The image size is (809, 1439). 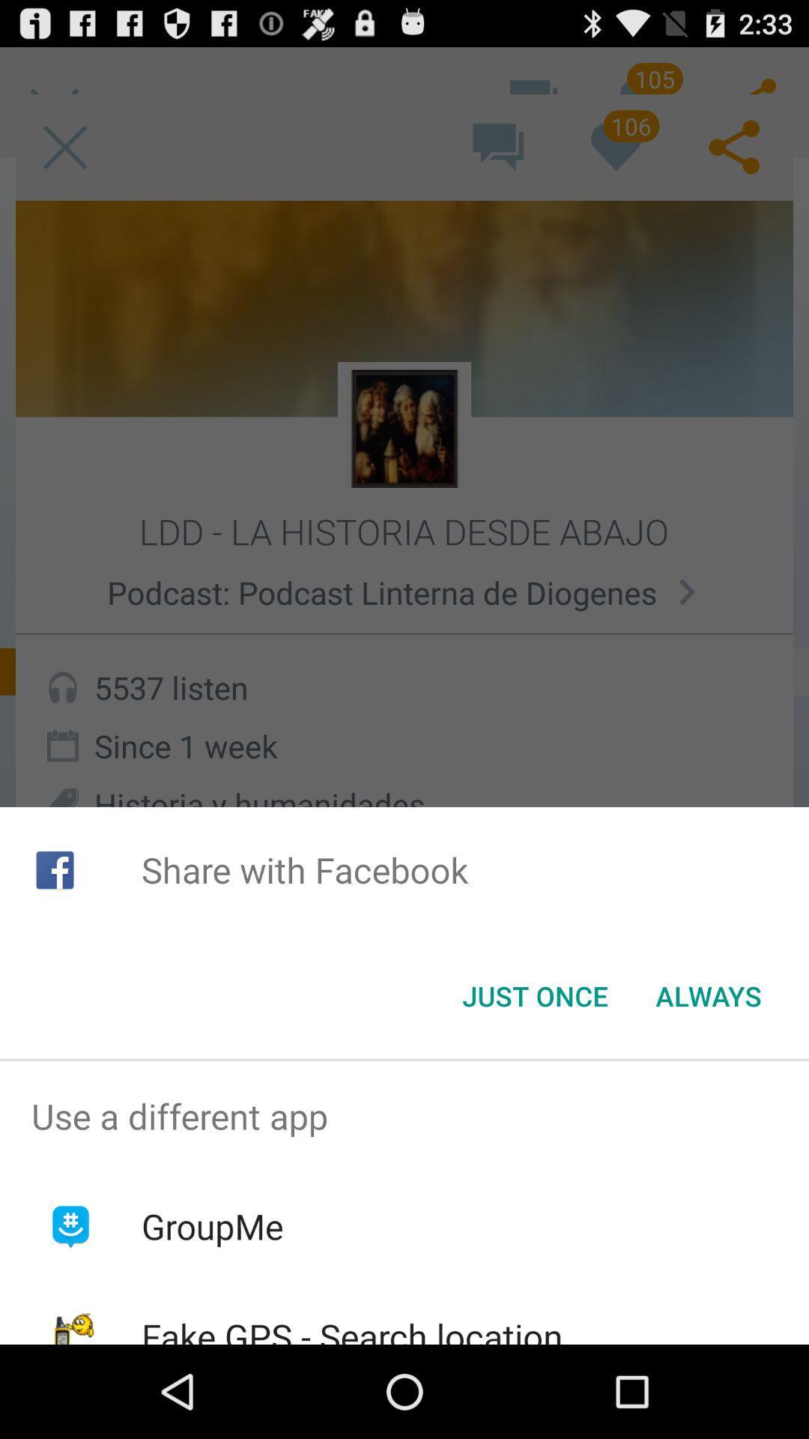 What do you see at coordinates (404, 1116) in the screenshot?
I see `icon above the groupme icon` at bounding box center [404, 1116].